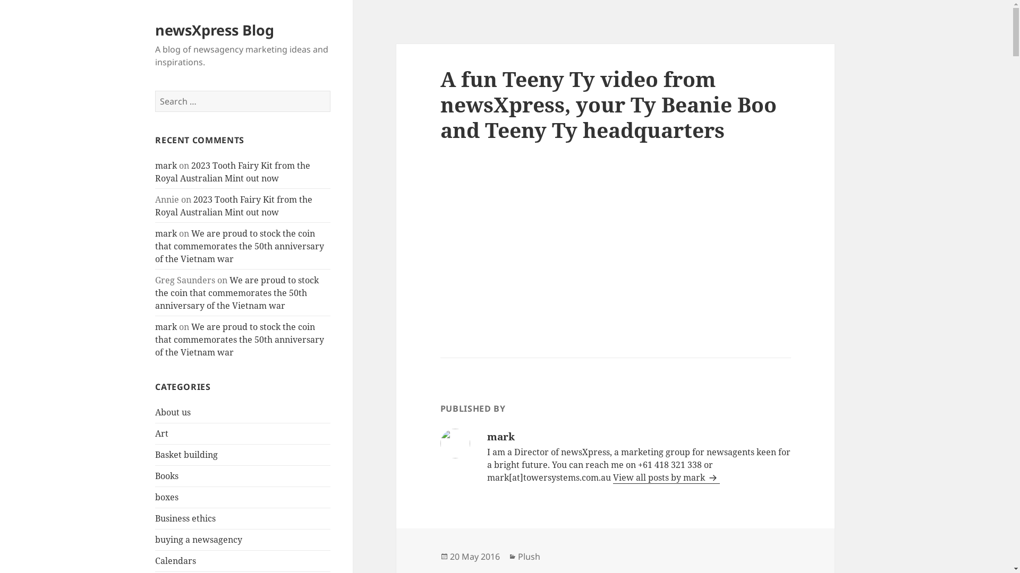 Image resolution: width=1020 pixels, height=573 pixels. I want to click on 'buying a newsagency', so click(199, 540).